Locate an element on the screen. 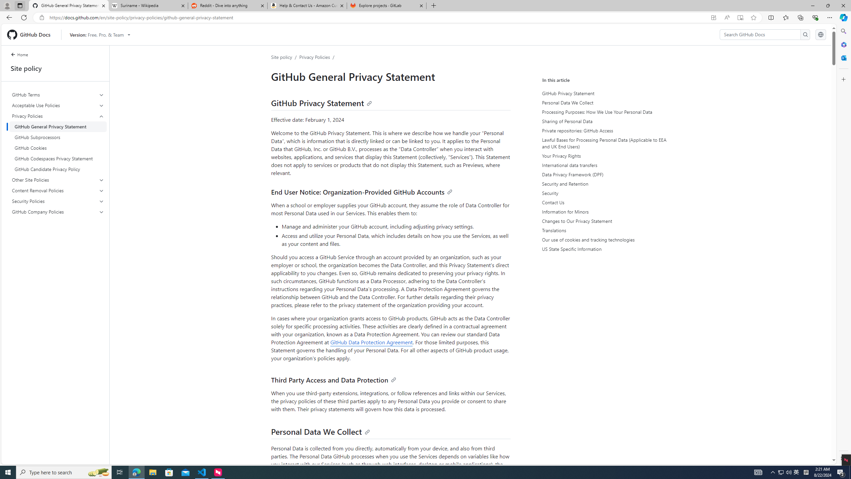 This screenshot has height=479, width=851. 'Other Site Policies' is located at coordinates (58, 180).